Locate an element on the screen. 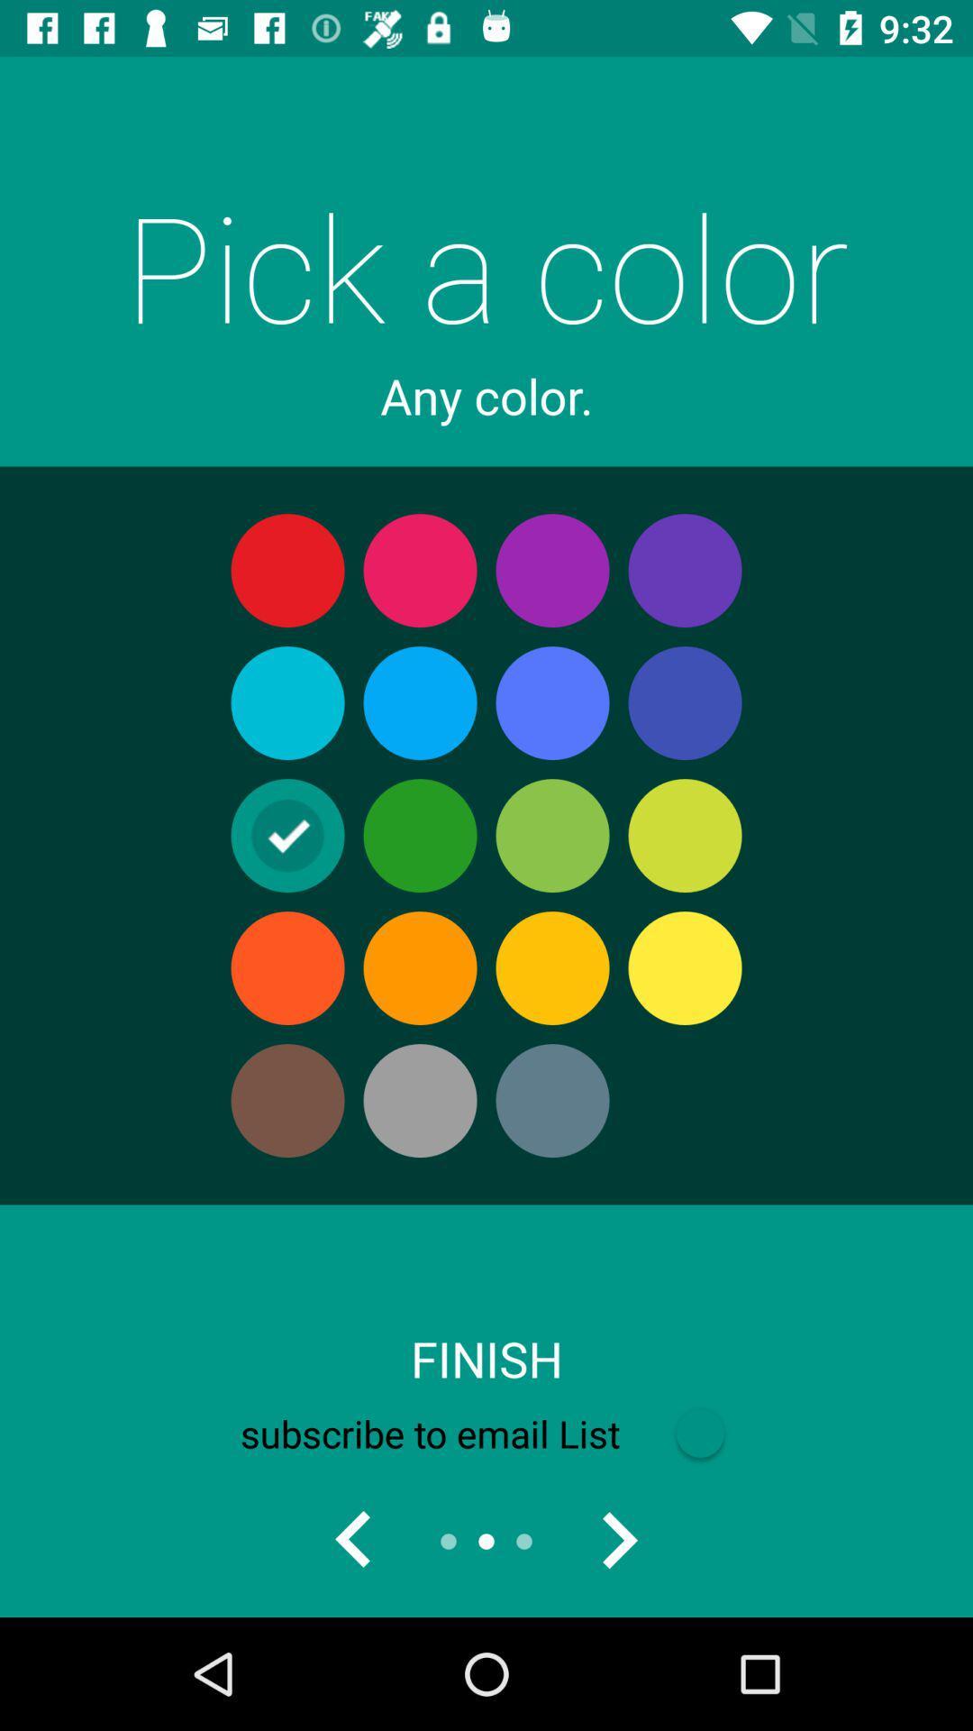  finish icon is located at coordinates (486, 1359).